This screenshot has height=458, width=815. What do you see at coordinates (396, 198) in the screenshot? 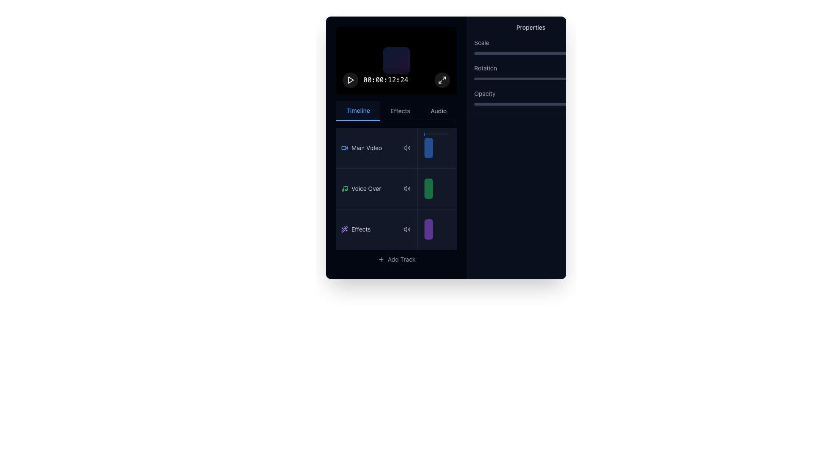
I see `the 'Voice Over' audio track list item, which is the second item in the vertical list located between 'Main Video' and 'Effects'` at bounding box center [396, 198].